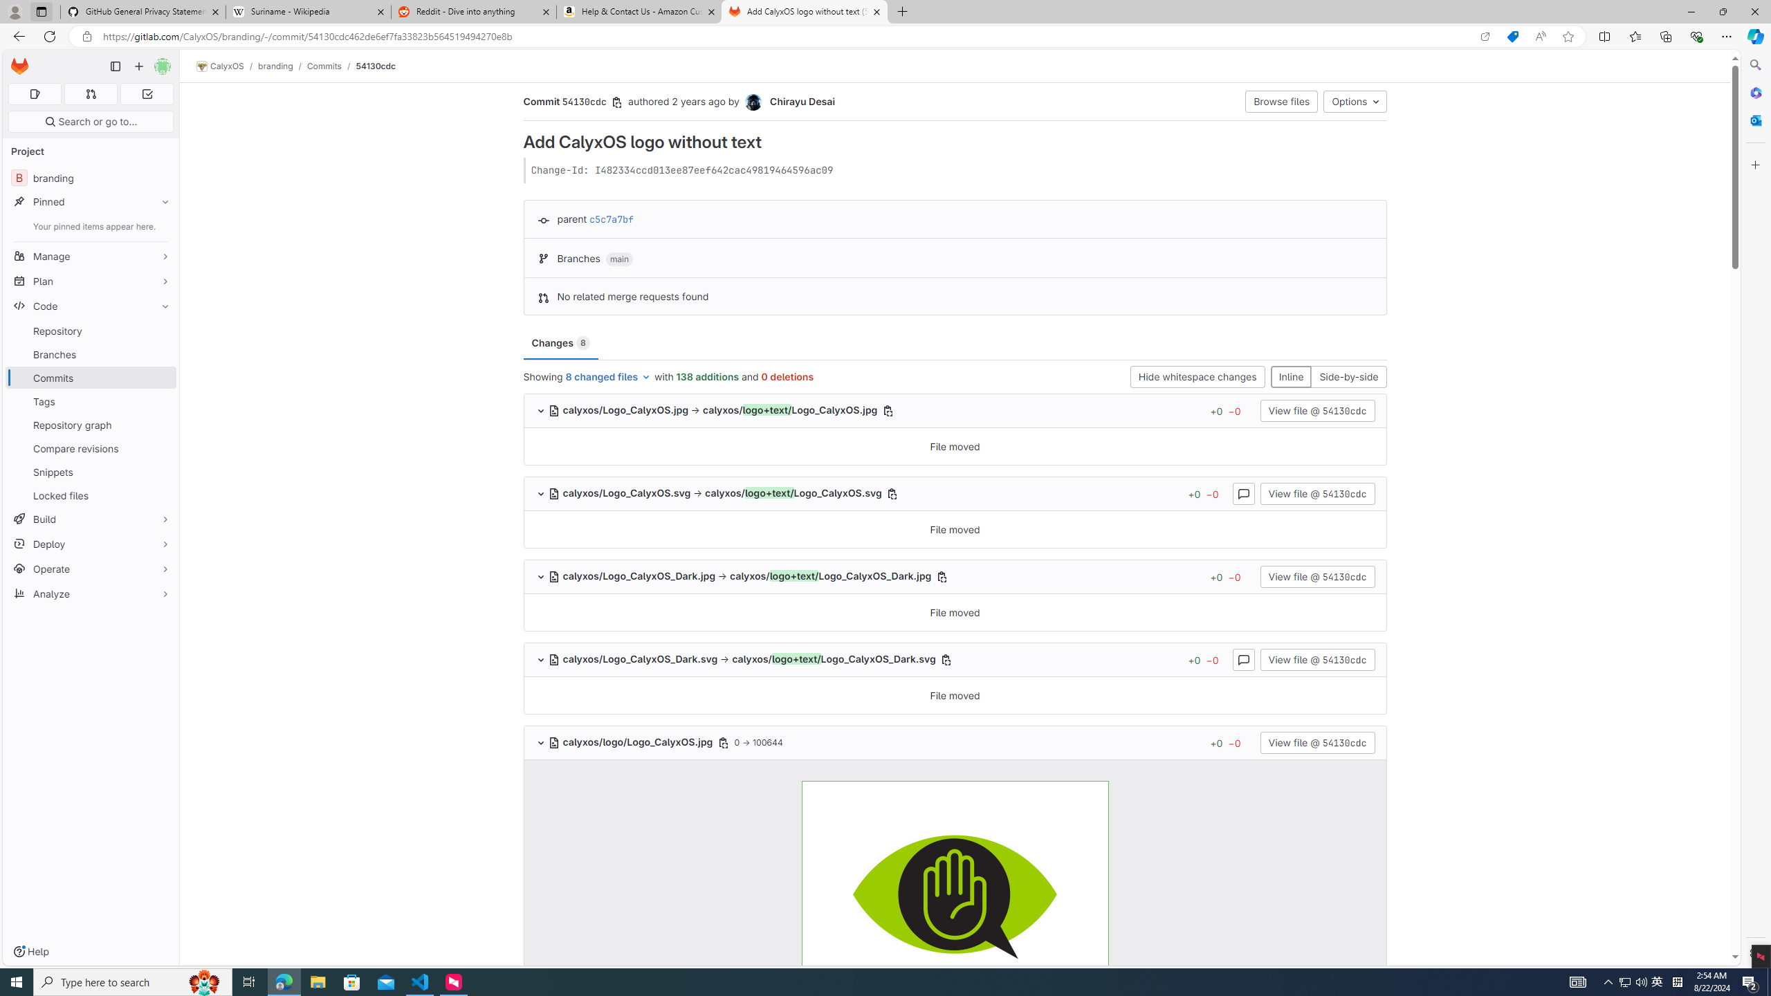 Image resolution: width=1771 pixels, height=996 pixels. Describe the element at coordinates (632, 741) in the screenshot. I see `'calyxos/logo/Logo_CalyxOS.jpg '` at that location.